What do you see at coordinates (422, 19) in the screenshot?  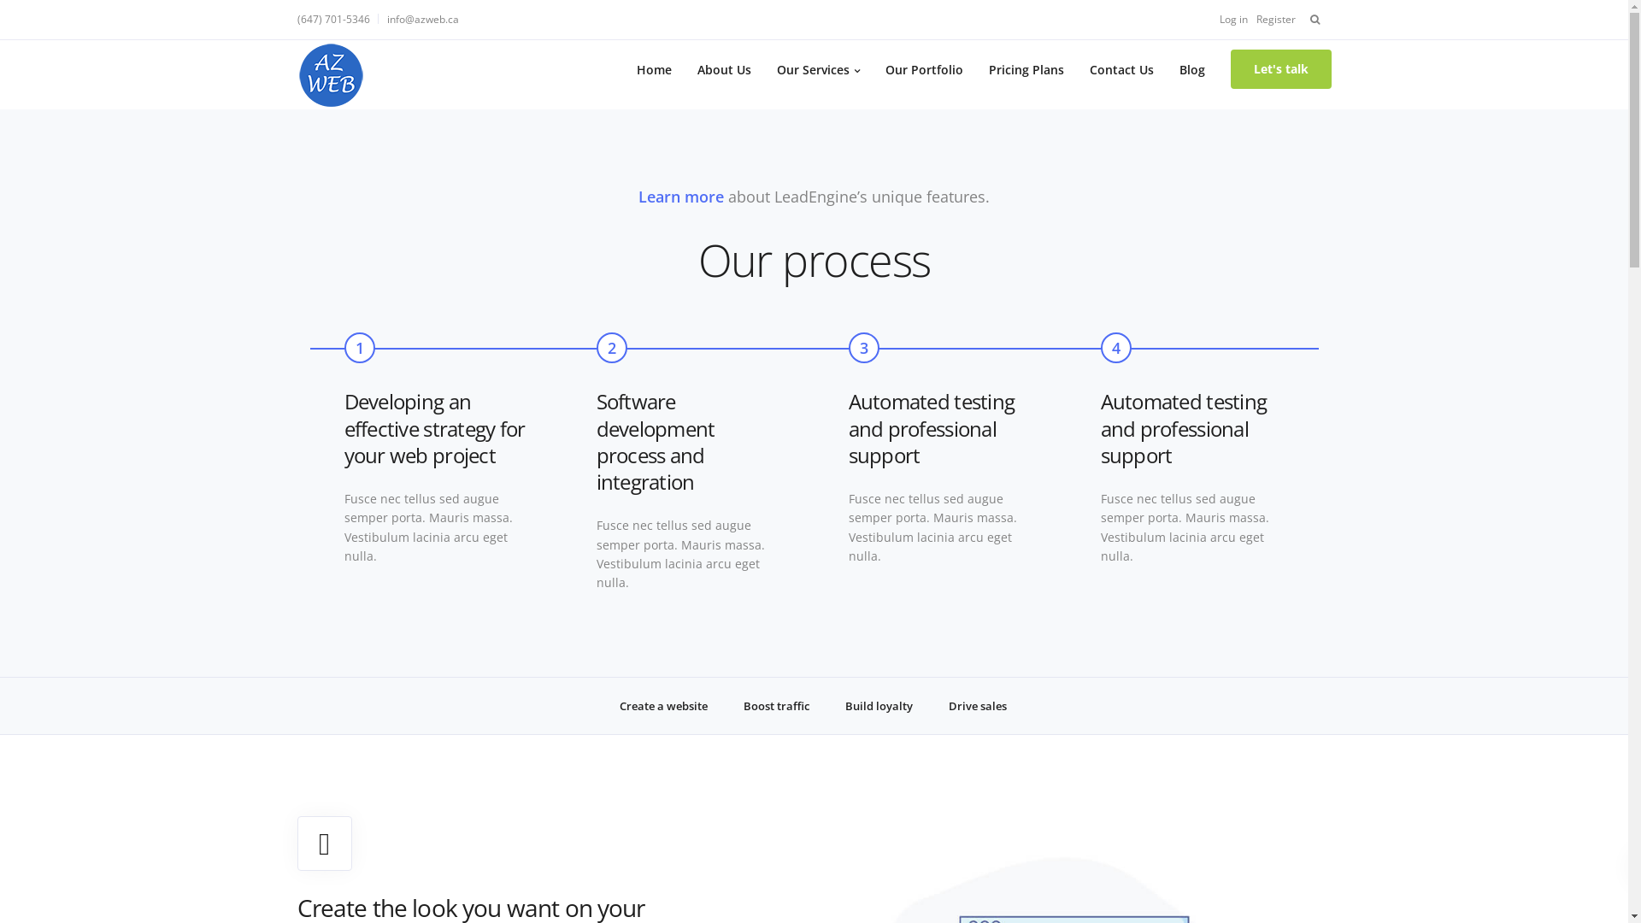 I see `'info@azweb.ca'` at bounding box center [422, 19].